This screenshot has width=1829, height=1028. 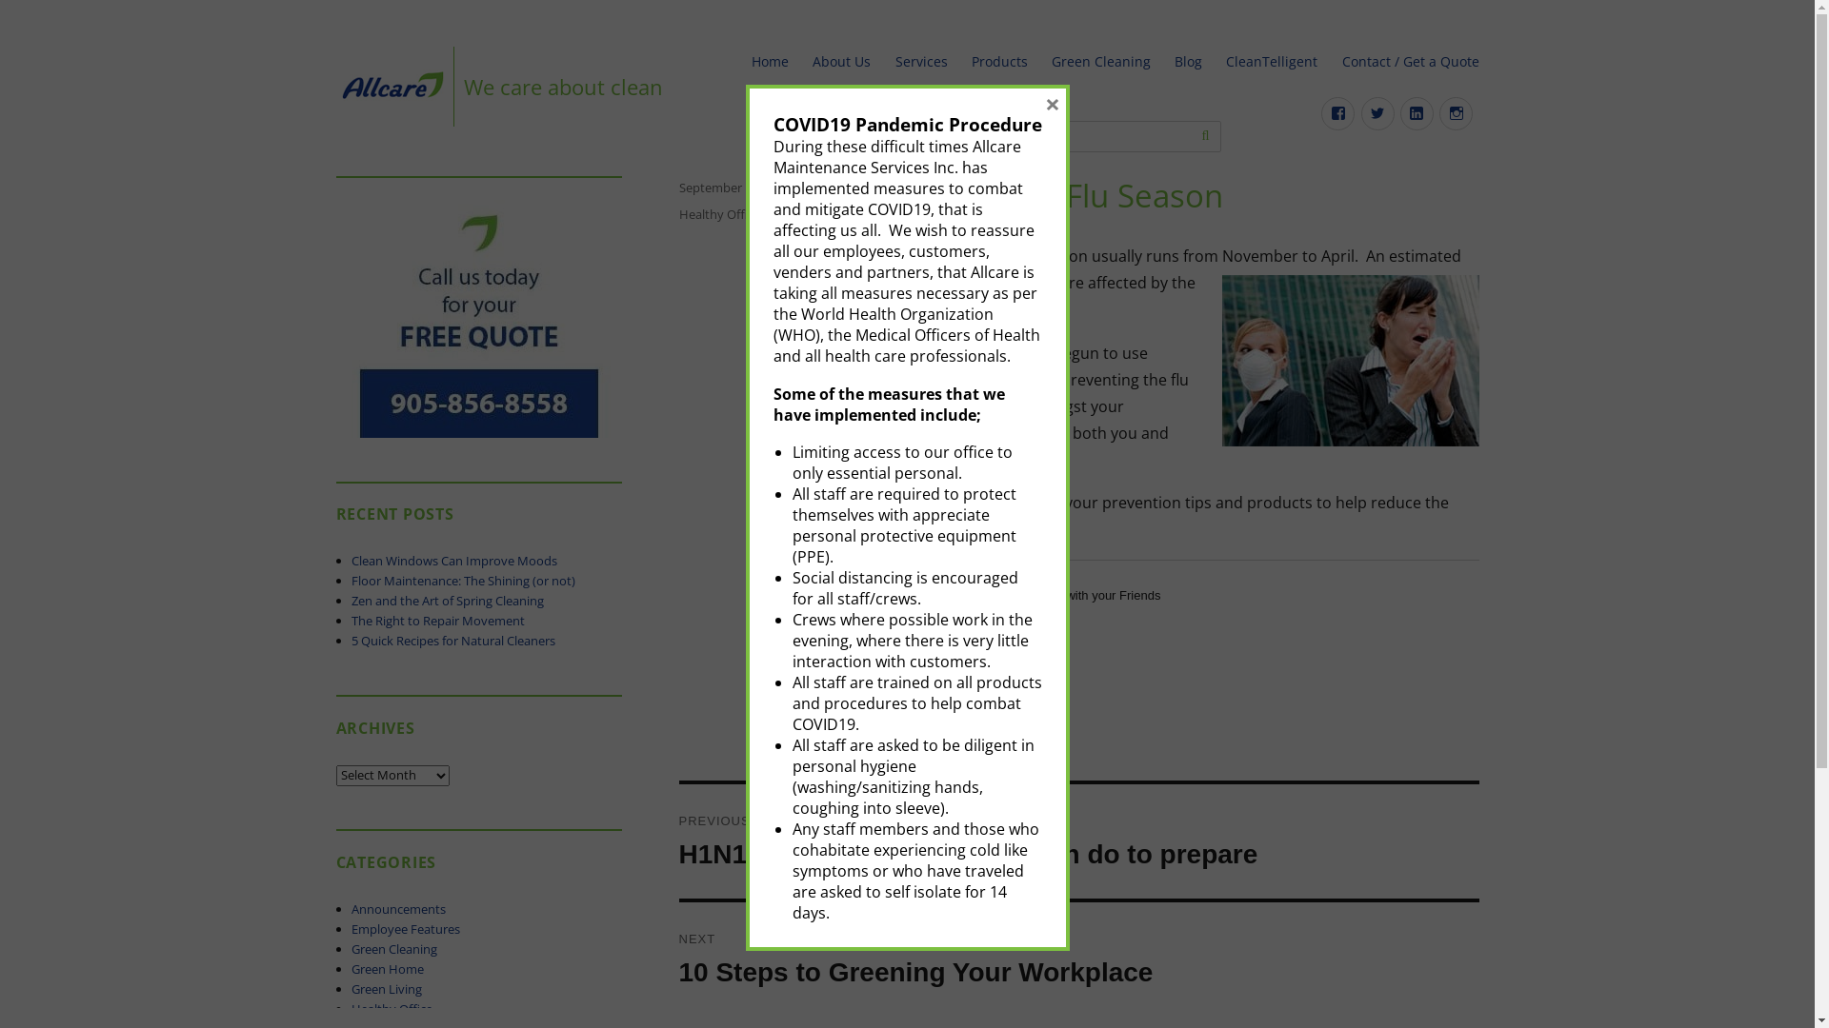 I want to click on 'Instragram', so click(x=1455, y=113).